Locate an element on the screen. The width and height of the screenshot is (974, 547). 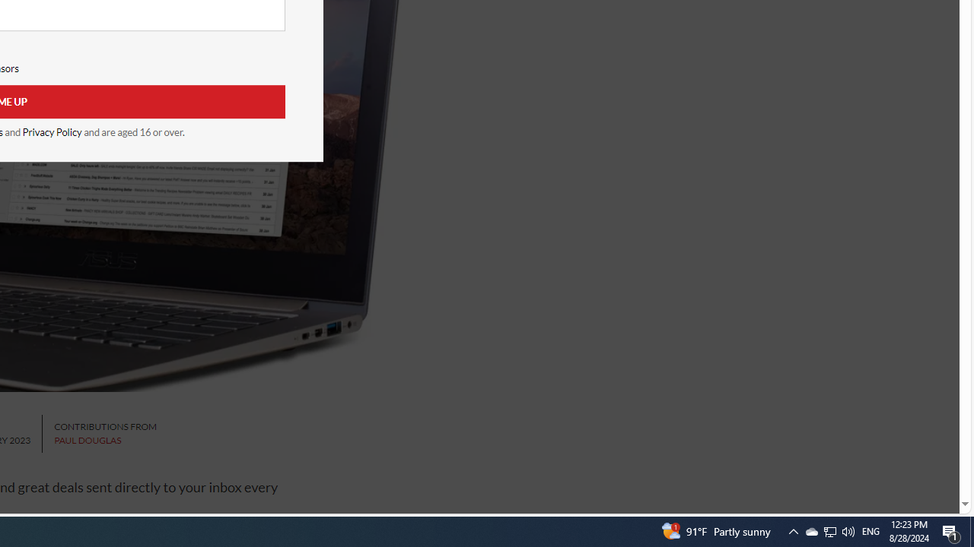
'PAUL DOUGLAS' is located at coordinates (87, 440).